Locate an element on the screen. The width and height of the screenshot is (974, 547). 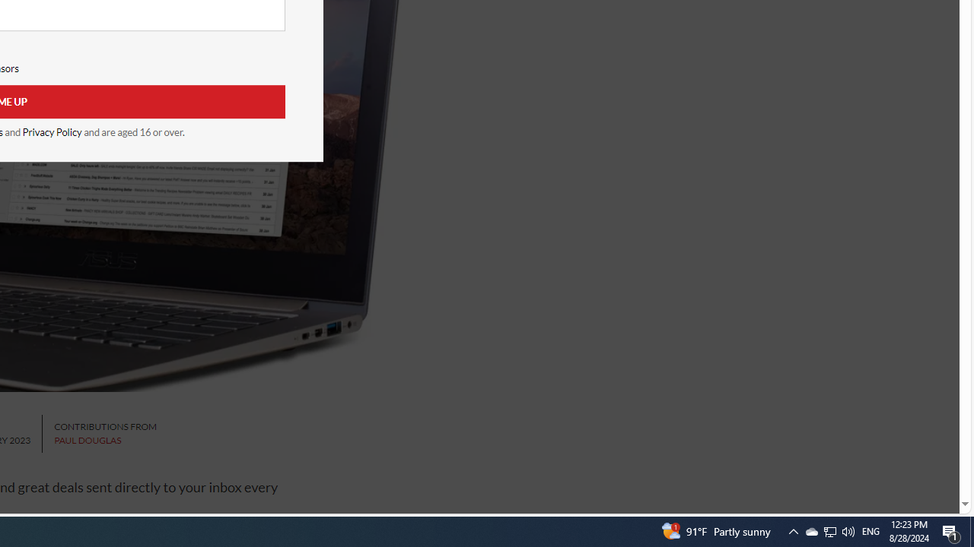
'PAUL DOUGLAS' is located at coordinates (87, 440).